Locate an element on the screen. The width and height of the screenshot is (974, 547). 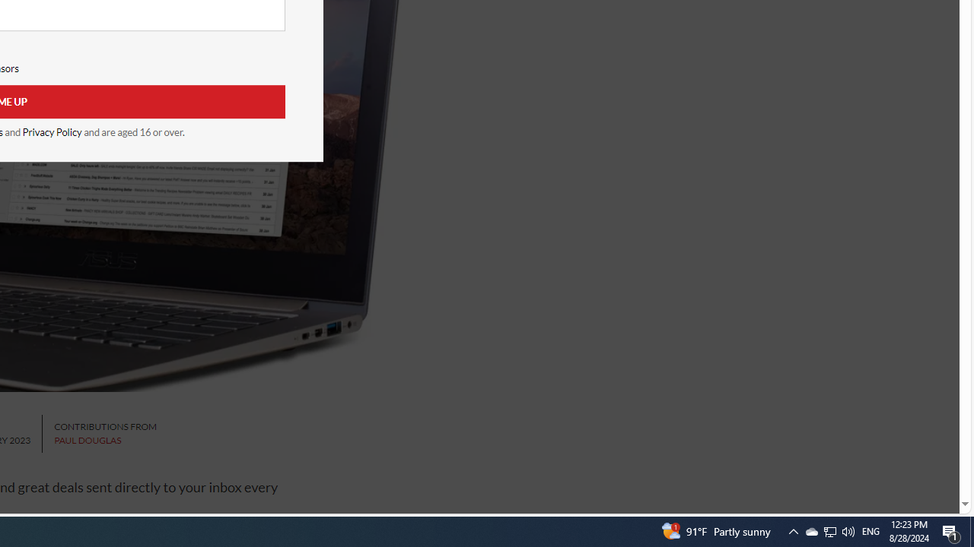
'PAUL DOUGLAS' is located at coordinates (87, 440).